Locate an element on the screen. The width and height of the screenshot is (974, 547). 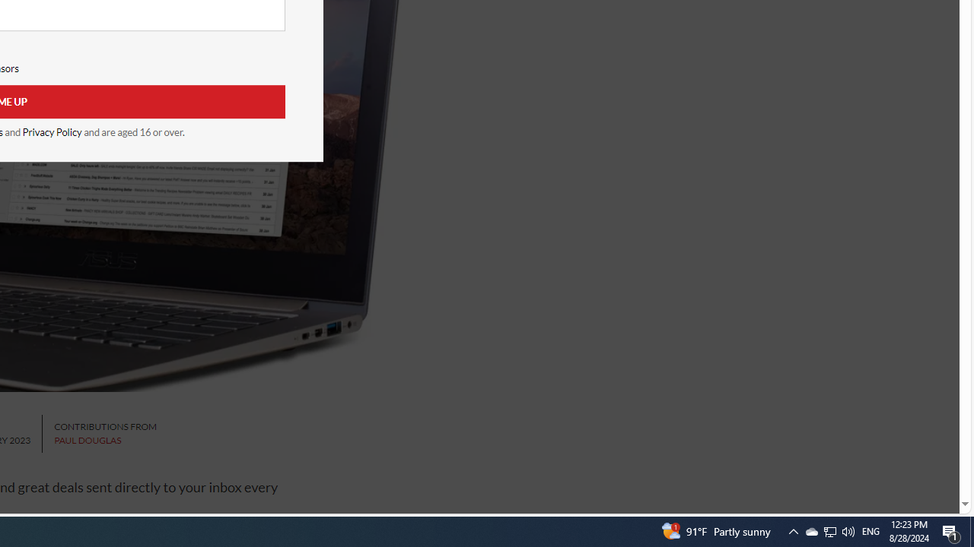
'PAUL DOUGLAS' is located at coordinates (87, 440).